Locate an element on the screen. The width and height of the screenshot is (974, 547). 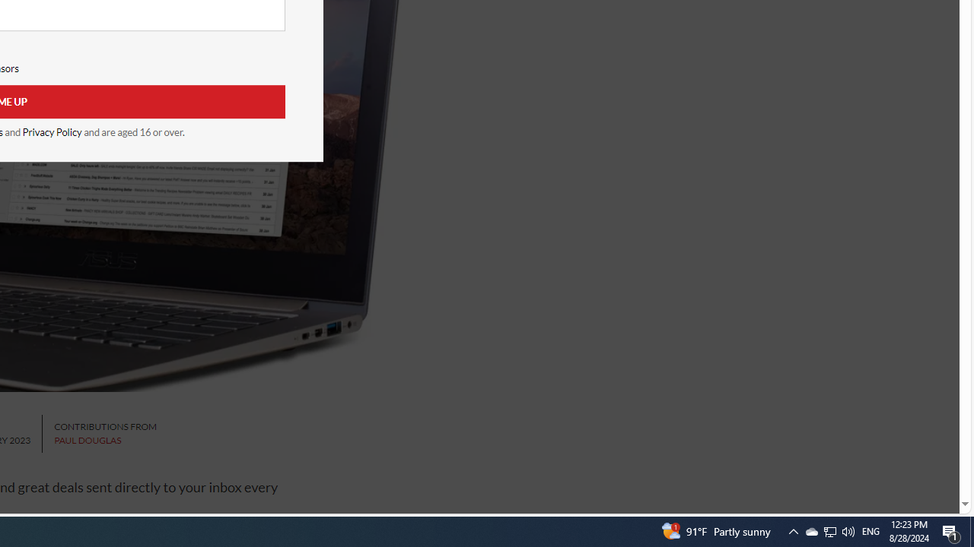
'PAUL DOUGLAS' is located at coordinates (87, 440).